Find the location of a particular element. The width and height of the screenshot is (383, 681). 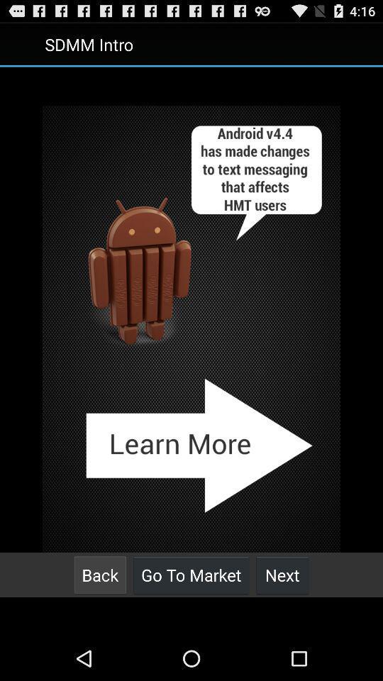

item next to back button is located at coordinates (191, 575).